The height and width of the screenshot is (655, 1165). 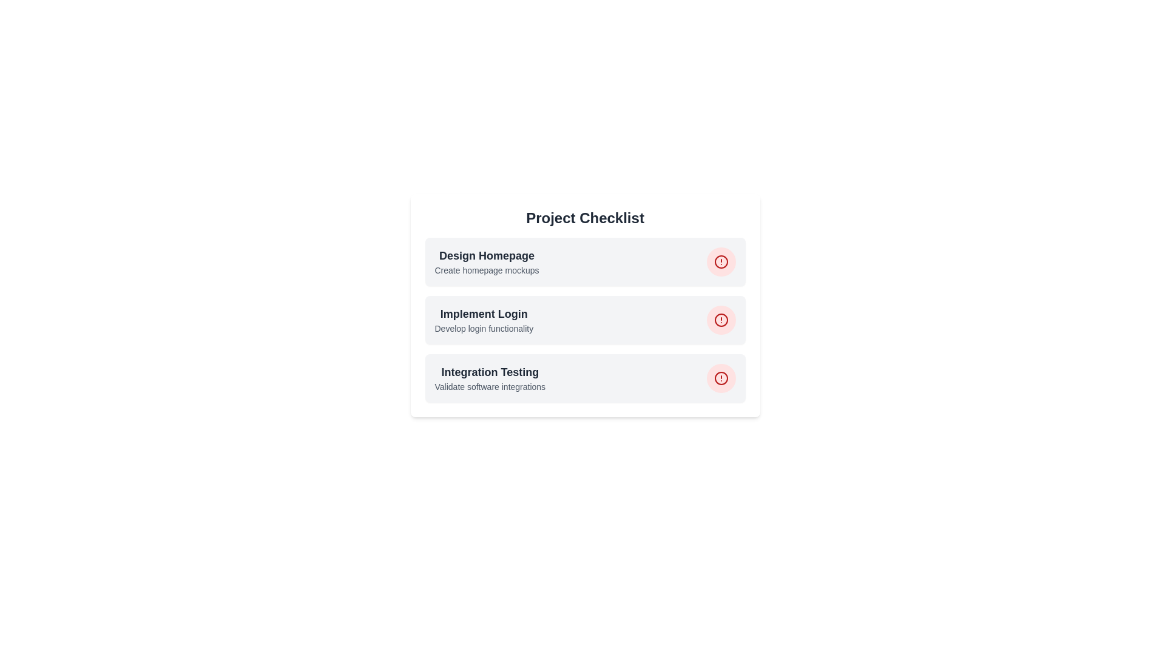 I want to click on text block containing the title and subtitle in the bottom entry of the 'Project Checklist' card, which represents a task or item in a checklist, so click(x=490, y=378).